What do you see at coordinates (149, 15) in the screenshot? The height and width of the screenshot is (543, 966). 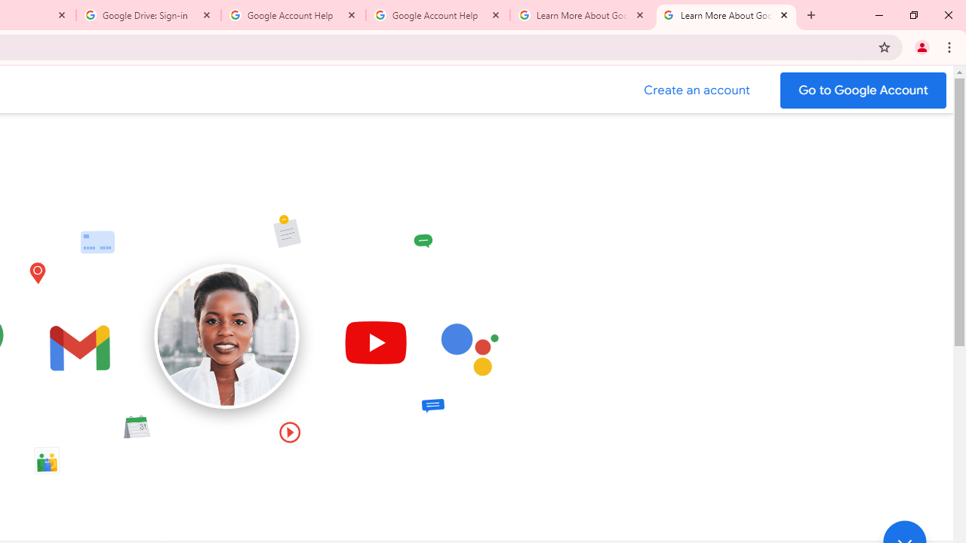 I see `'Google Drive: Sign-in'` at bounding box center [149, 15].